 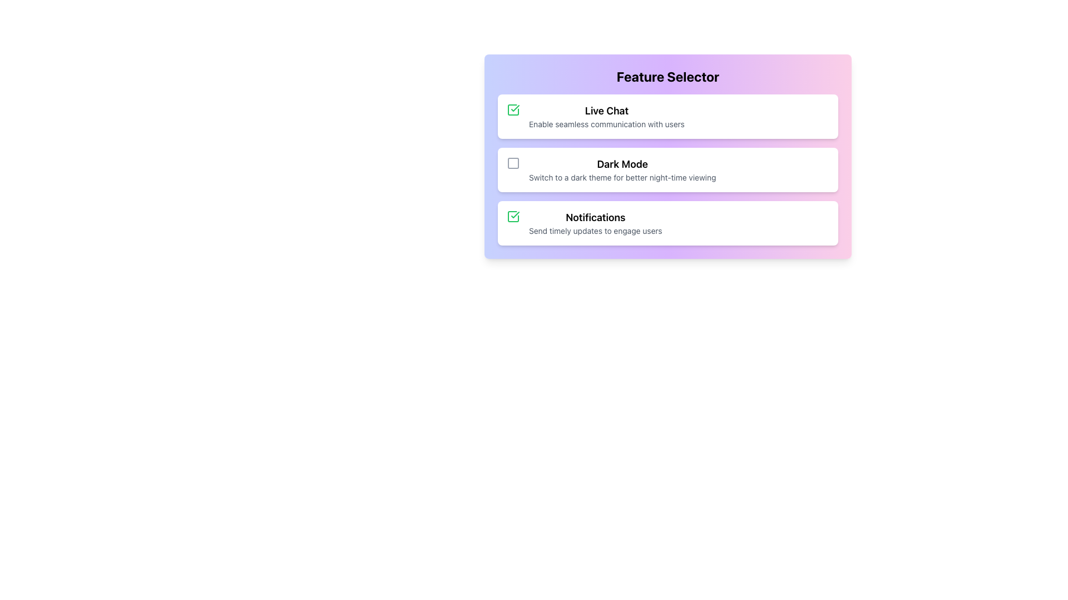 What do you see at coordinates (512, 163) in the screenshot?
I see `the toggle-like button for 'Dark Mode' positioned in the second row of the vertical list` at bounding box center [512, 163].